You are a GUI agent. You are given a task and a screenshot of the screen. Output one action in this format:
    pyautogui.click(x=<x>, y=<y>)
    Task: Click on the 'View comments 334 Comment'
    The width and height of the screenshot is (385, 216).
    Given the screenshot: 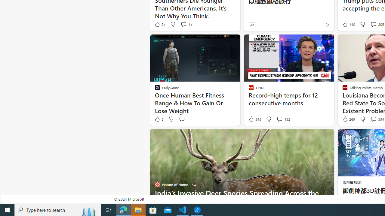 What is the action you would take?
    pyautogui.click(x=373, y=119)
    